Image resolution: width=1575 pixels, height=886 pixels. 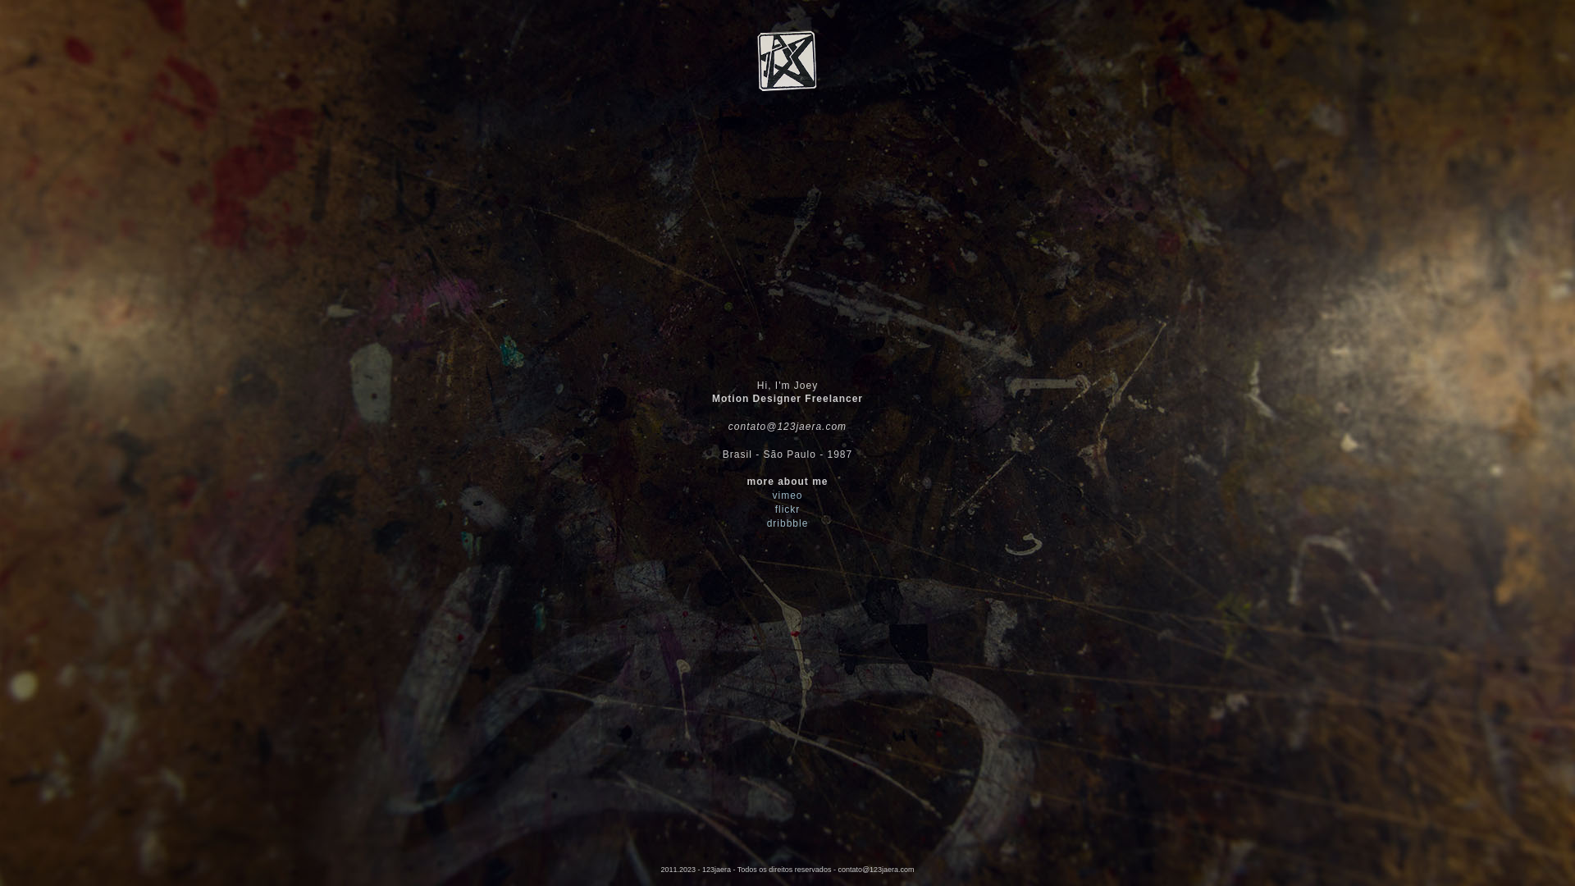 What do you see at coordinates (787, 509) in the screenshot?
I see `'flickr'` at bounding box center [787, 509].